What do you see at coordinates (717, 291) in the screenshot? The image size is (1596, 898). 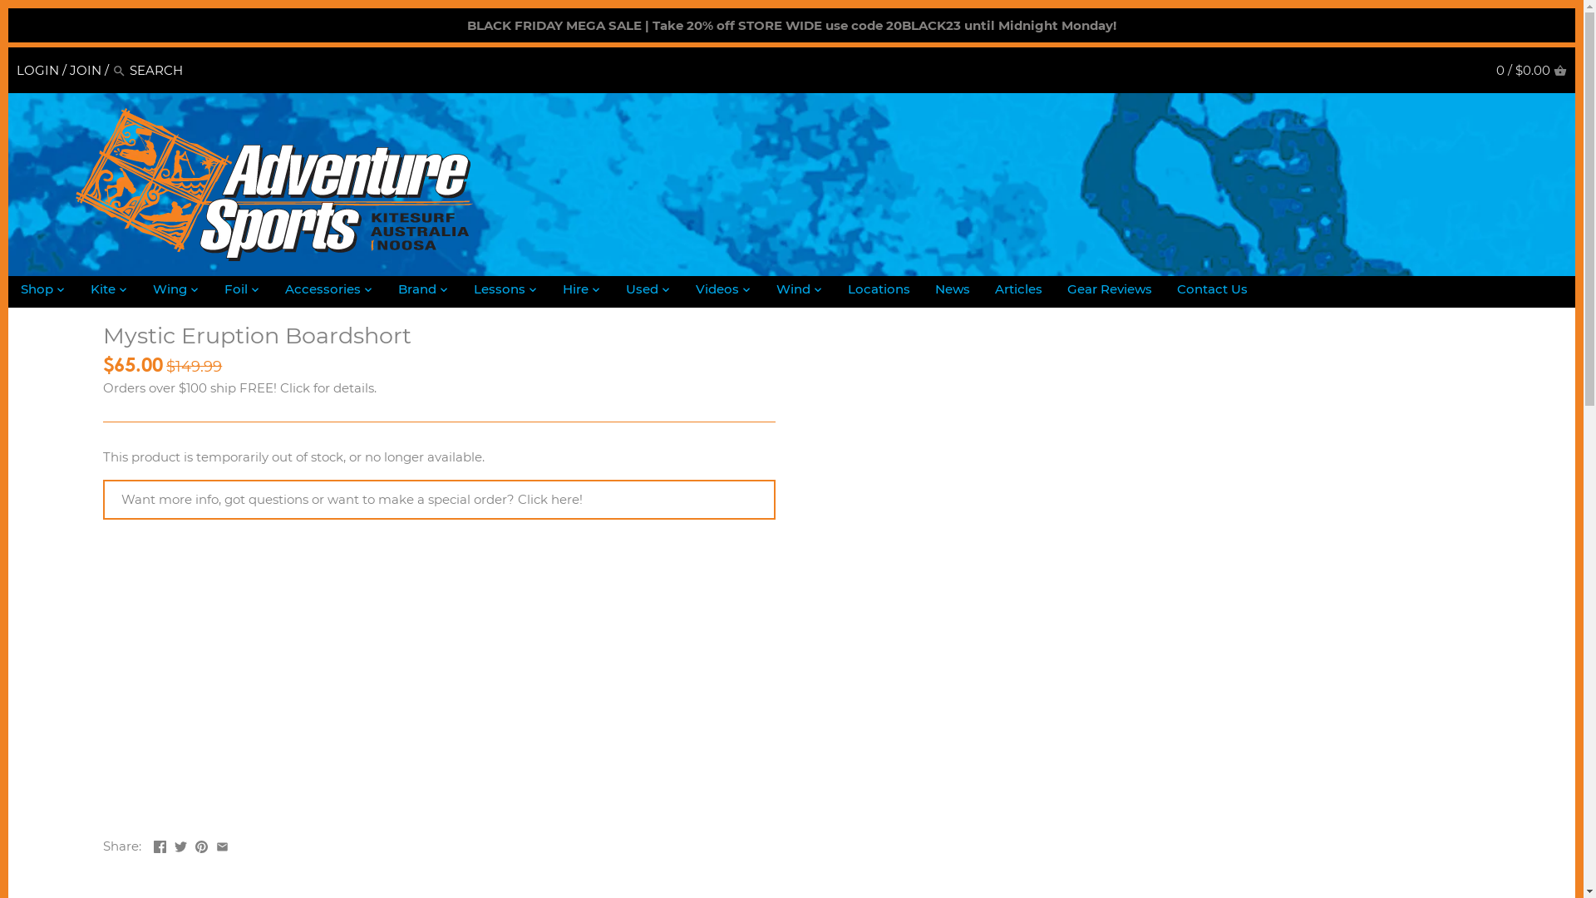 I see `'Videos'` at bounding box center [717, 291].